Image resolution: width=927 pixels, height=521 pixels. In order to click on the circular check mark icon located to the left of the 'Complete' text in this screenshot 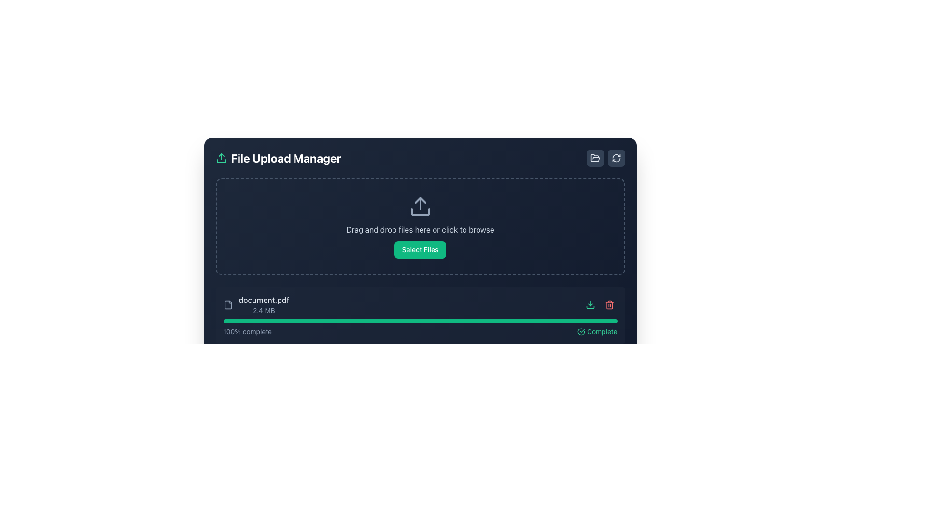, I will do `click(581, 331)`.